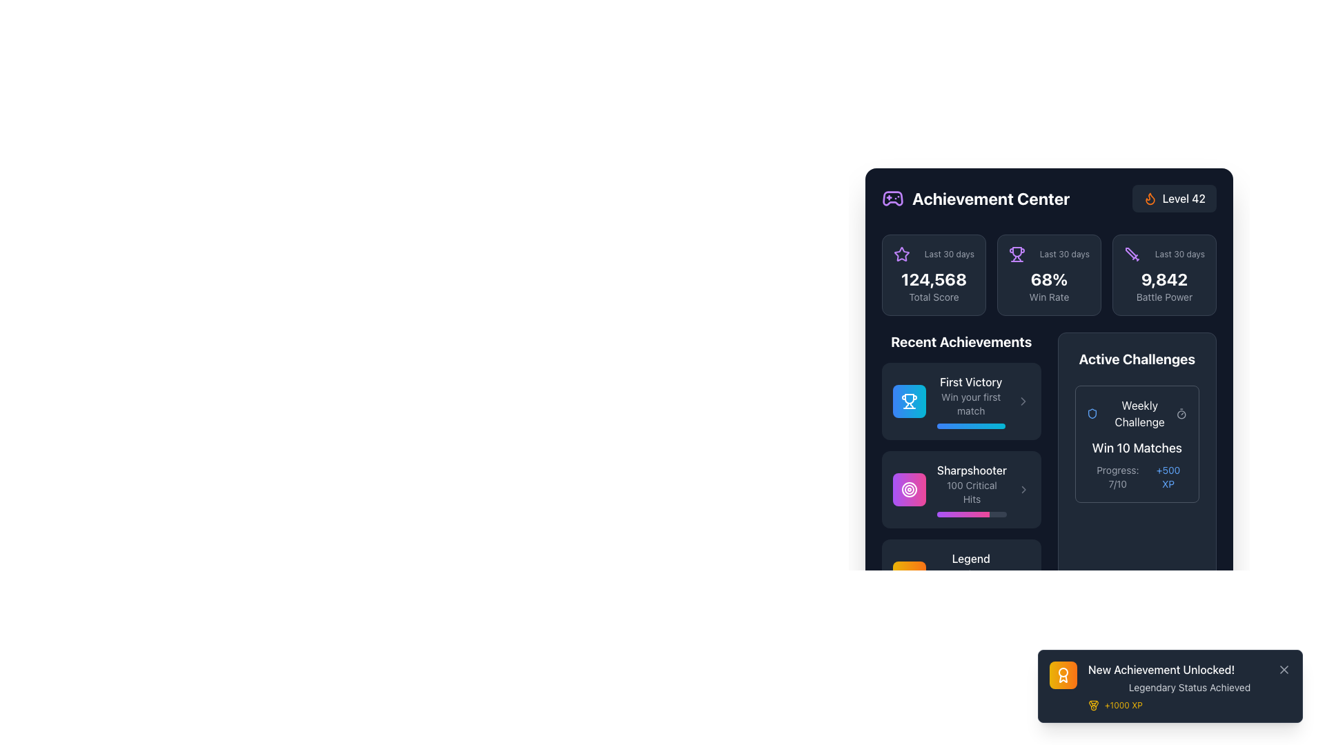 Image resolution: width=1325 pixels, height=745 pixels. Describe the element at coordinates (1092, 705) in the screenshot. I see `the achievement icon that represents '+1000 XP' located in the notification area at the bottom-right of the interface` at that location.